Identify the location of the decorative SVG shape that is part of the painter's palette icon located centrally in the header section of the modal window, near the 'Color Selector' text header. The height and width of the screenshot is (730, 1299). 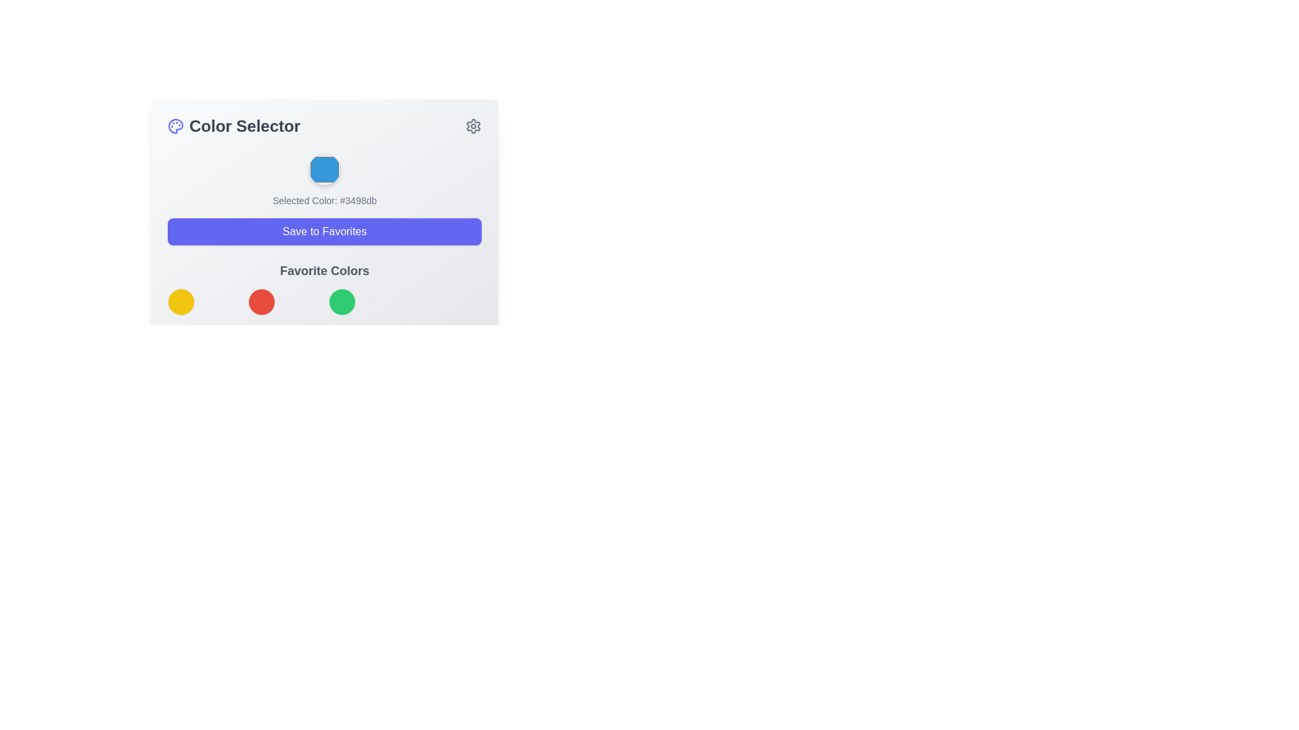
(175, 126).